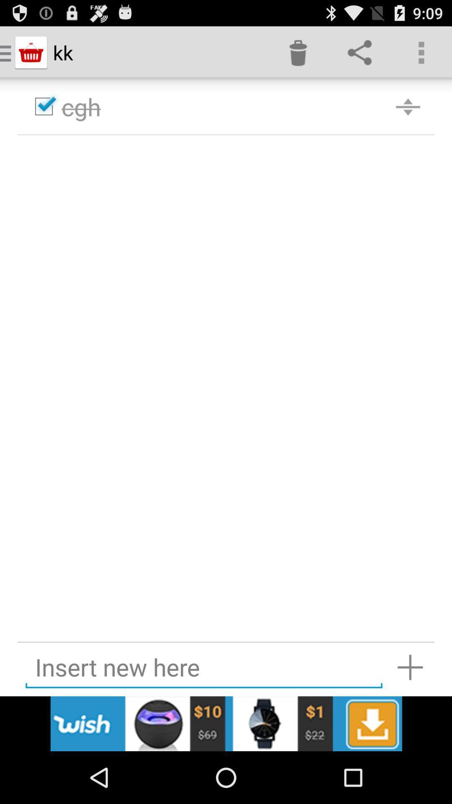  Describe the element at coordinates (298, 52) in the screenshot. I see `left of share` at that location.